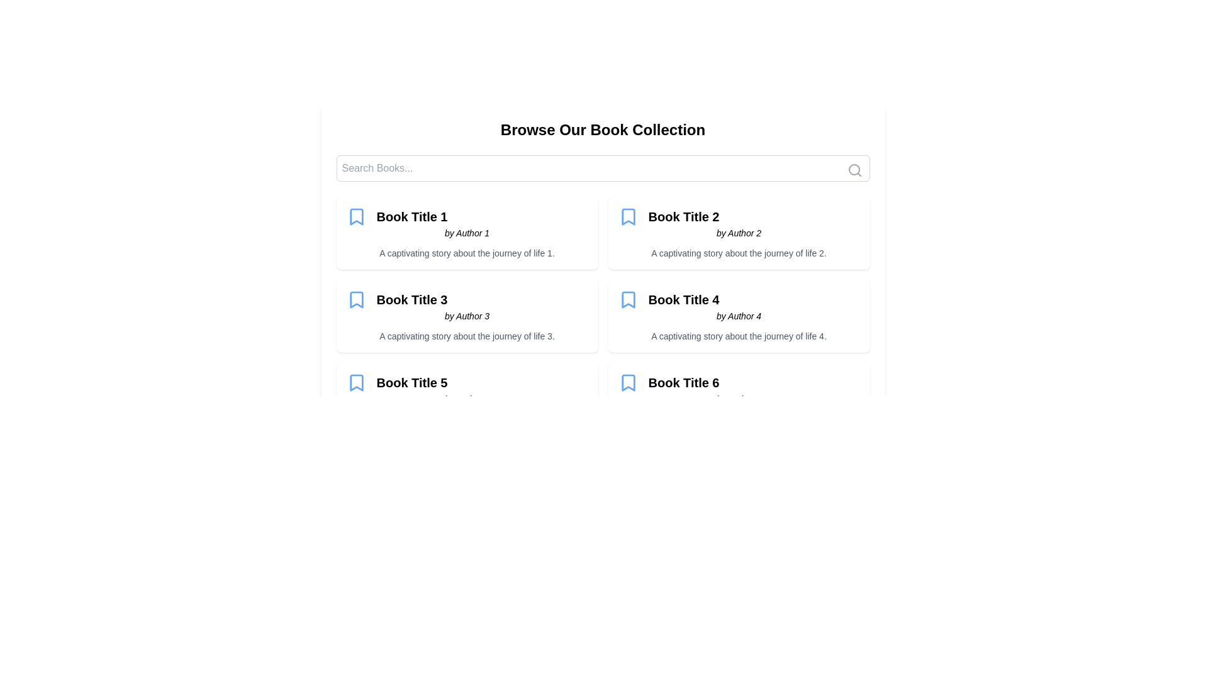  I want to click on title text of the fifth book in the collection, which is located within the fifth card in the grid layout, to the right of a bookmark icon, so click(411, 382).